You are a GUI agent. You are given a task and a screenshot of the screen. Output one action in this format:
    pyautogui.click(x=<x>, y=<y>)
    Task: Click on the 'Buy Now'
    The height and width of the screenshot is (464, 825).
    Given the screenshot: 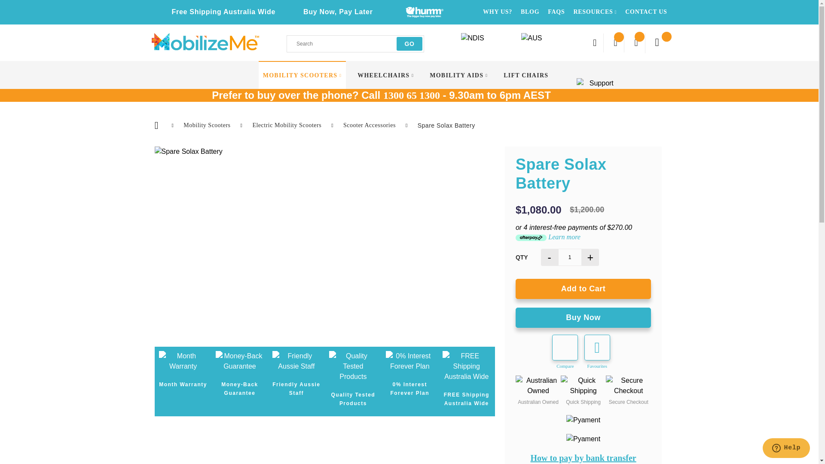 What is the action you would take?
    pyautogui.click(x=583, y=317)
    